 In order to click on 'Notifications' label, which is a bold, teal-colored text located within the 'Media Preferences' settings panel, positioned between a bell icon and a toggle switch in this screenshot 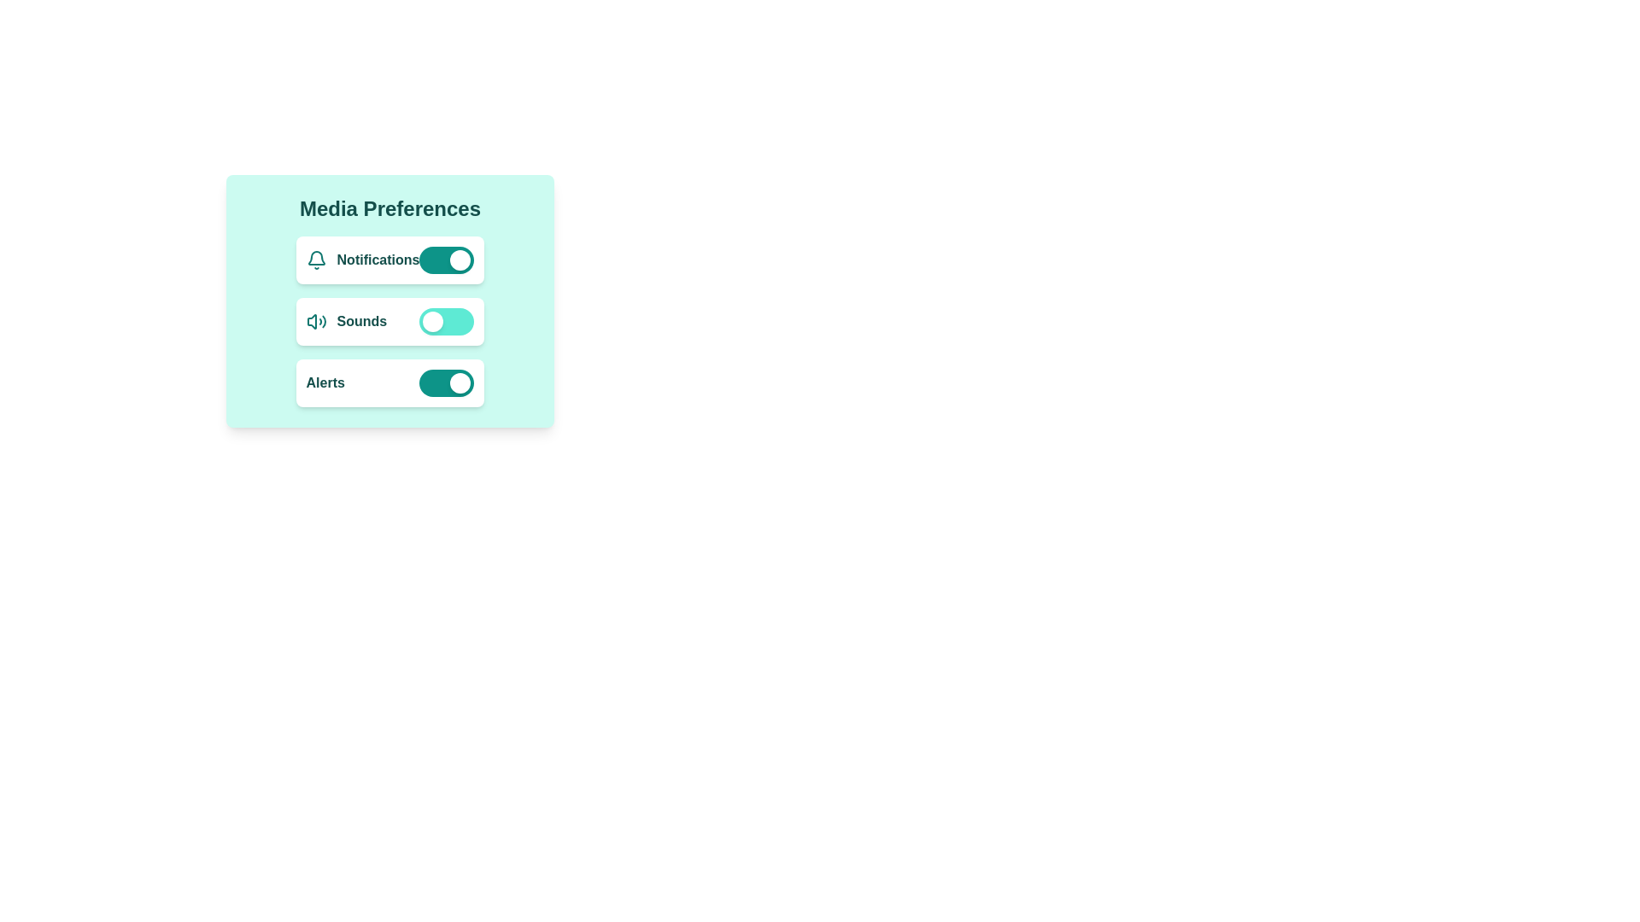, I will do `click(377, 260)`.